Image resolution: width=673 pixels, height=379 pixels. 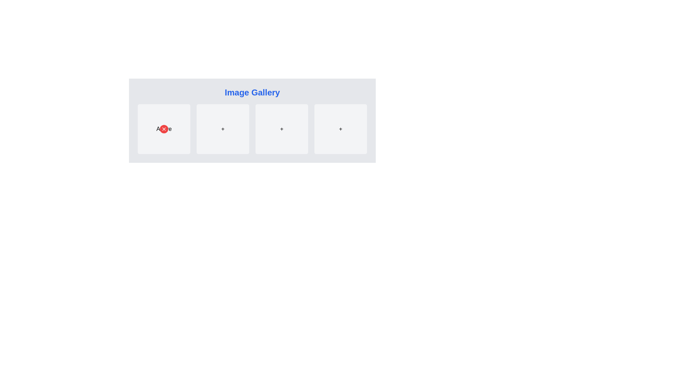 I want to click on the close/delete button located on a red circular background at the bottom-left corner of the first item in the 'Image Gallery', so click(x=163, y=129).